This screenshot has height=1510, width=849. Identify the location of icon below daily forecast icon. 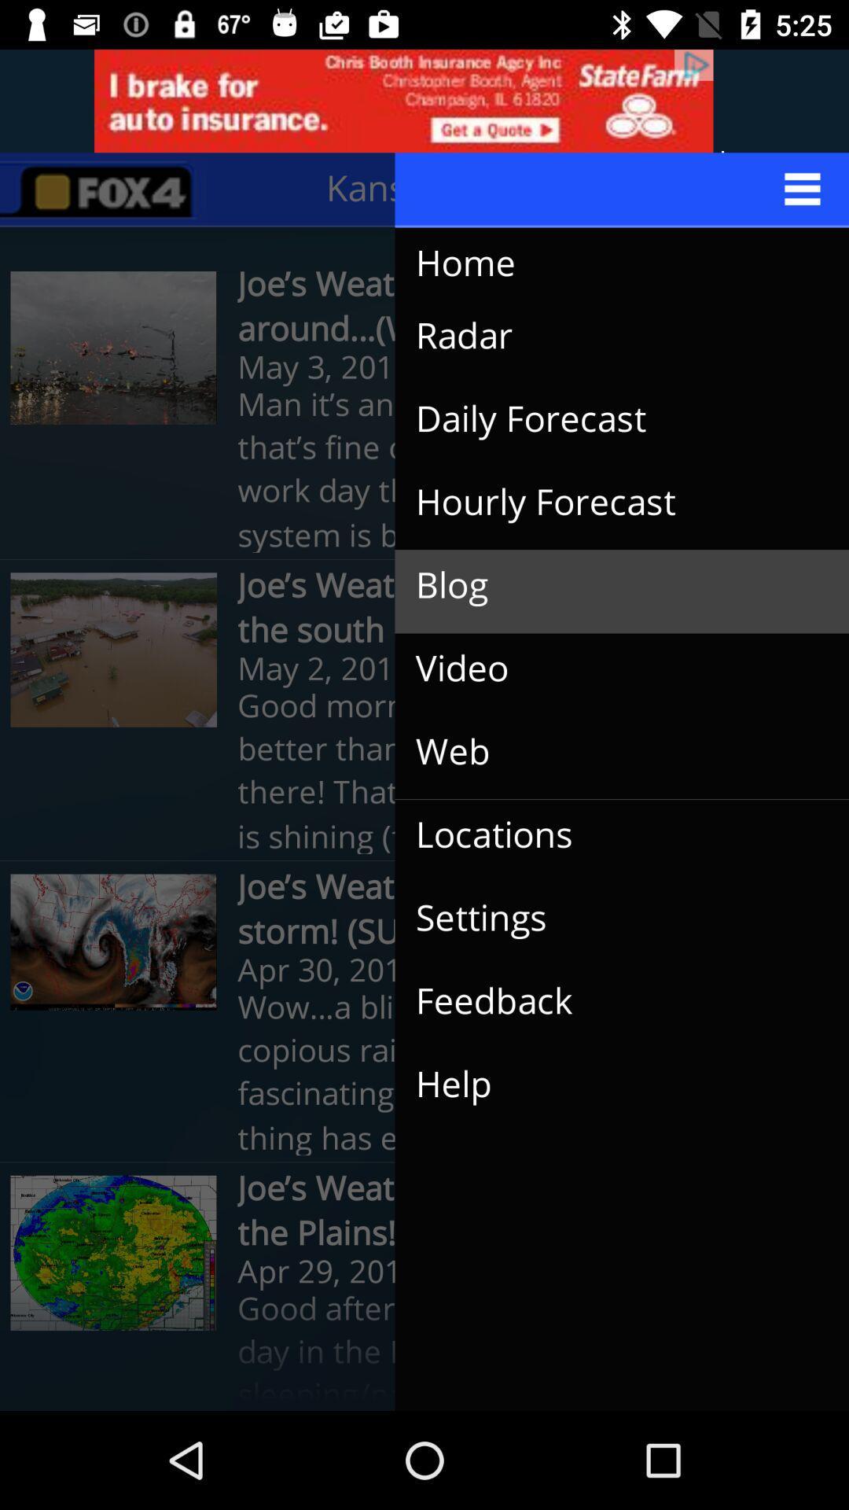
(608, 502).